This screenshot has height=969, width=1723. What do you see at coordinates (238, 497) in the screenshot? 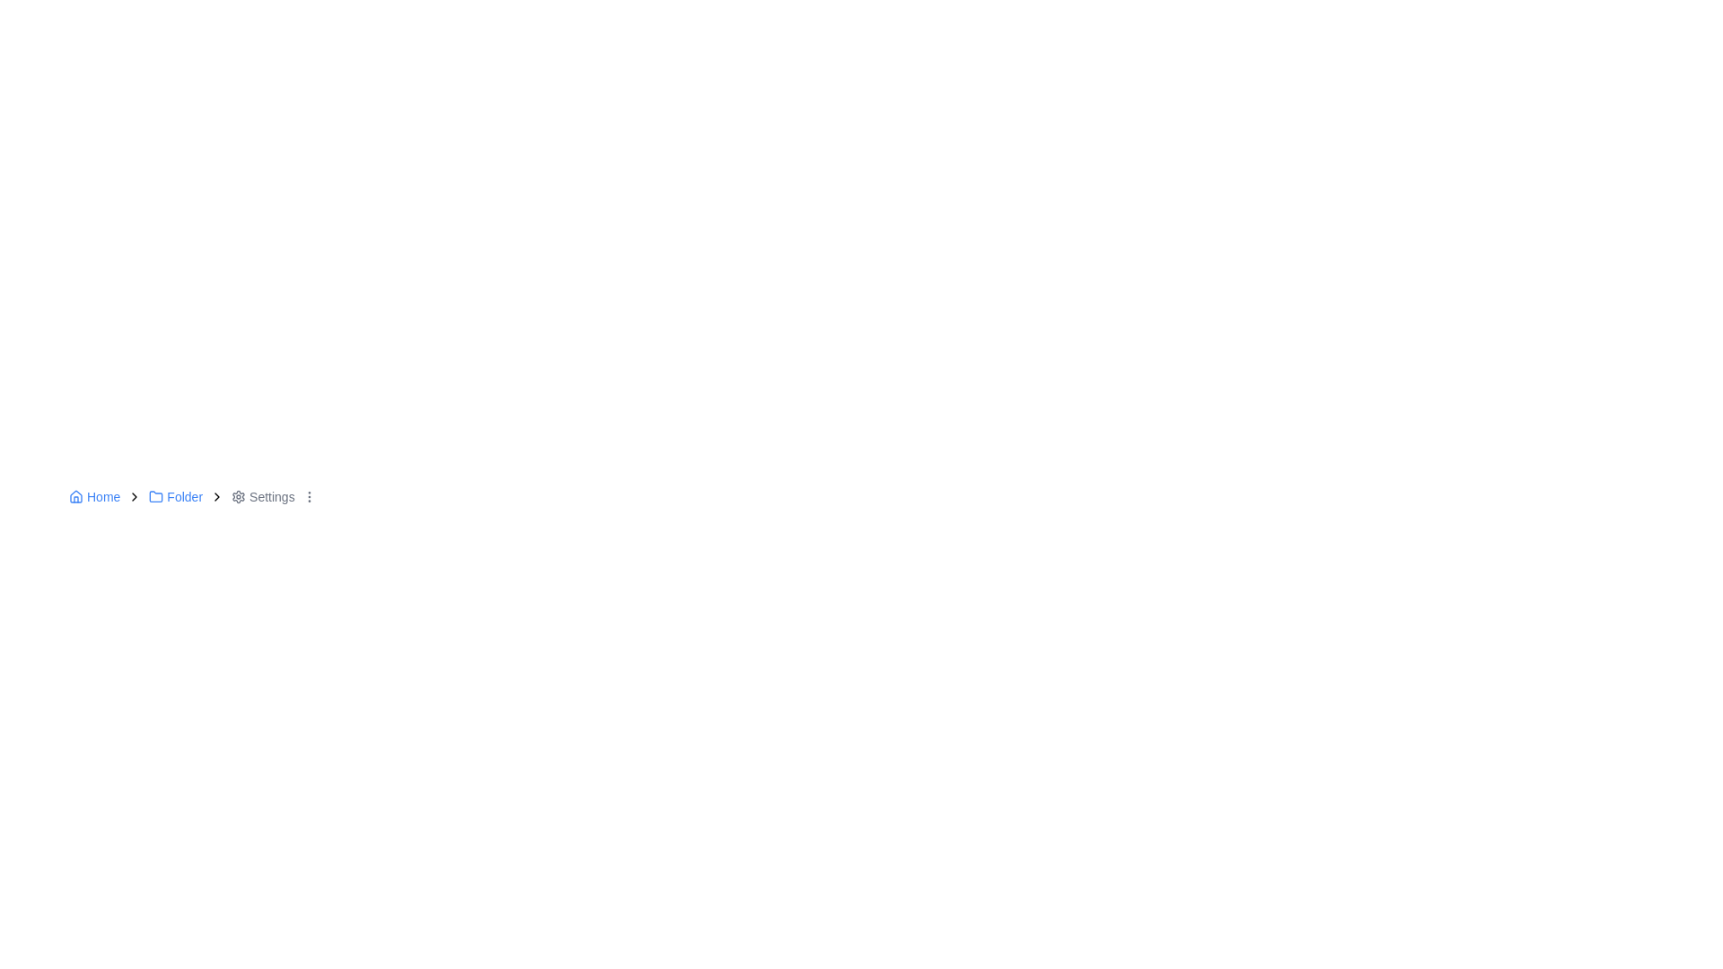
I see `the cogwheel-shaped icon with a gray outline located to the left of the 'Settings' text` at bounding box center [238, 497].